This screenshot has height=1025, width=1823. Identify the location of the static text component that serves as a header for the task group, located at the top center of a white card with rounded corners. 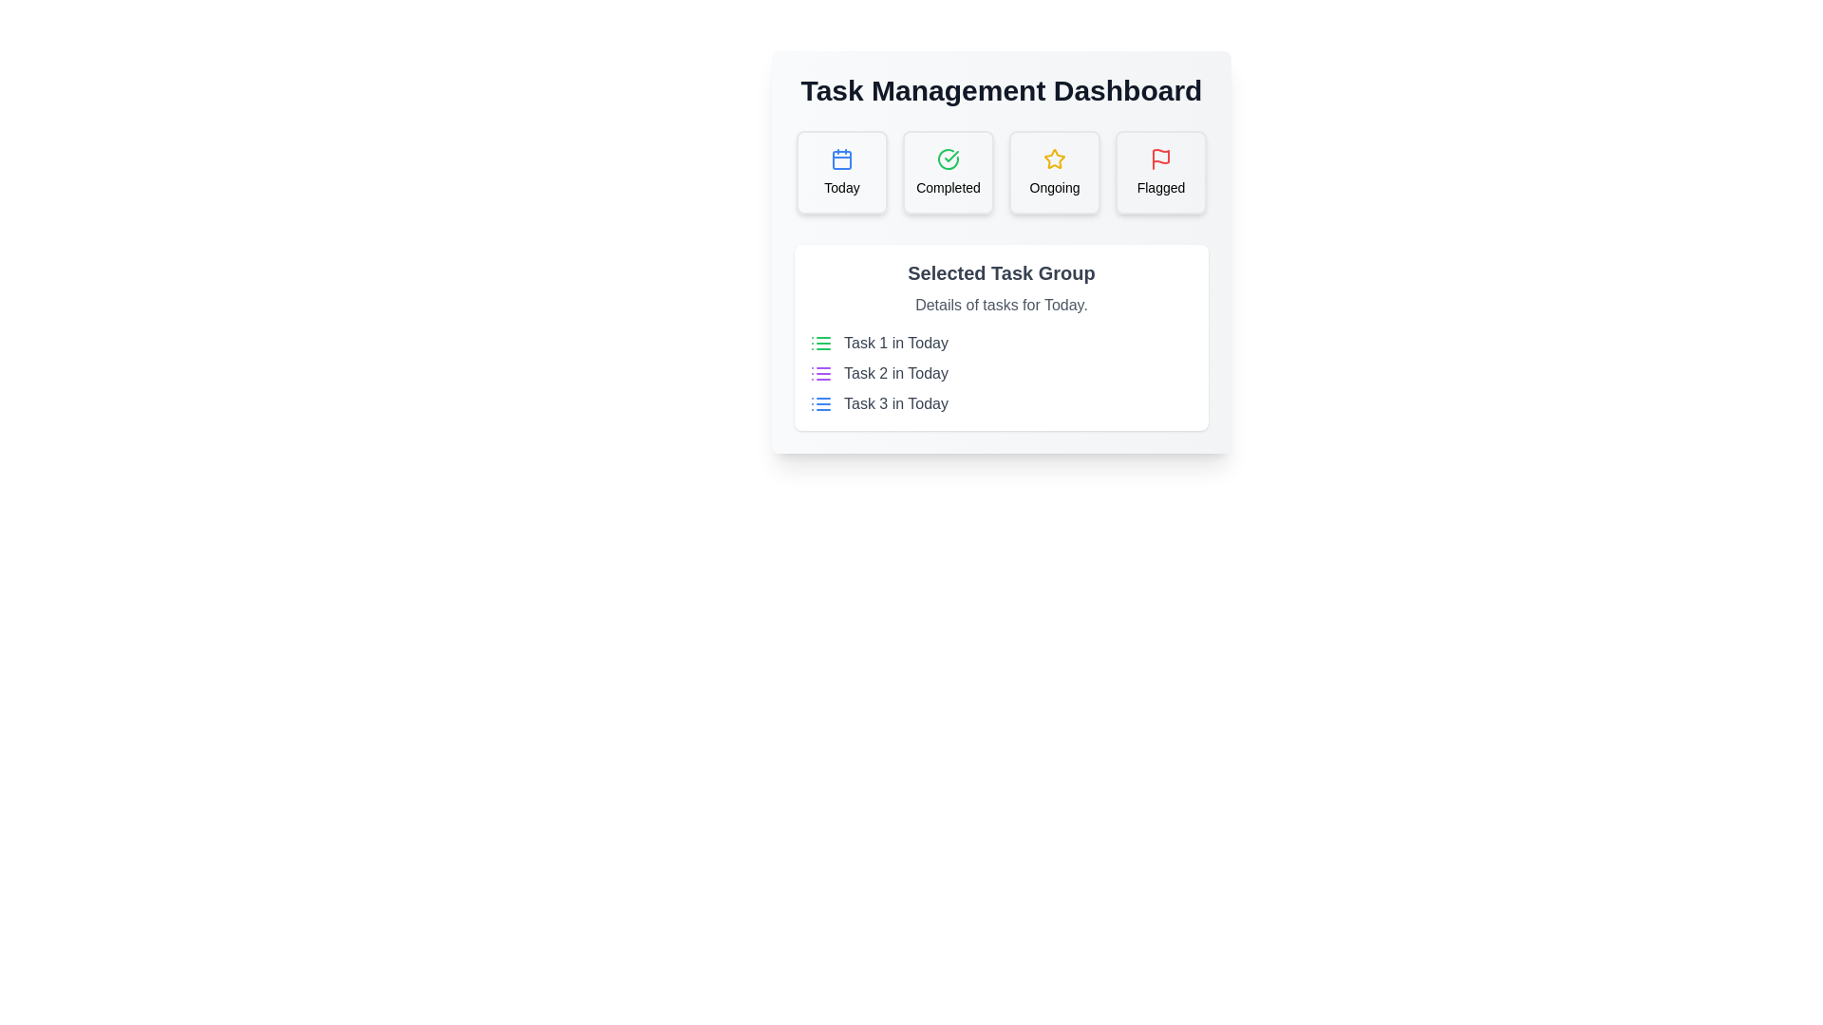
(1001, 273).